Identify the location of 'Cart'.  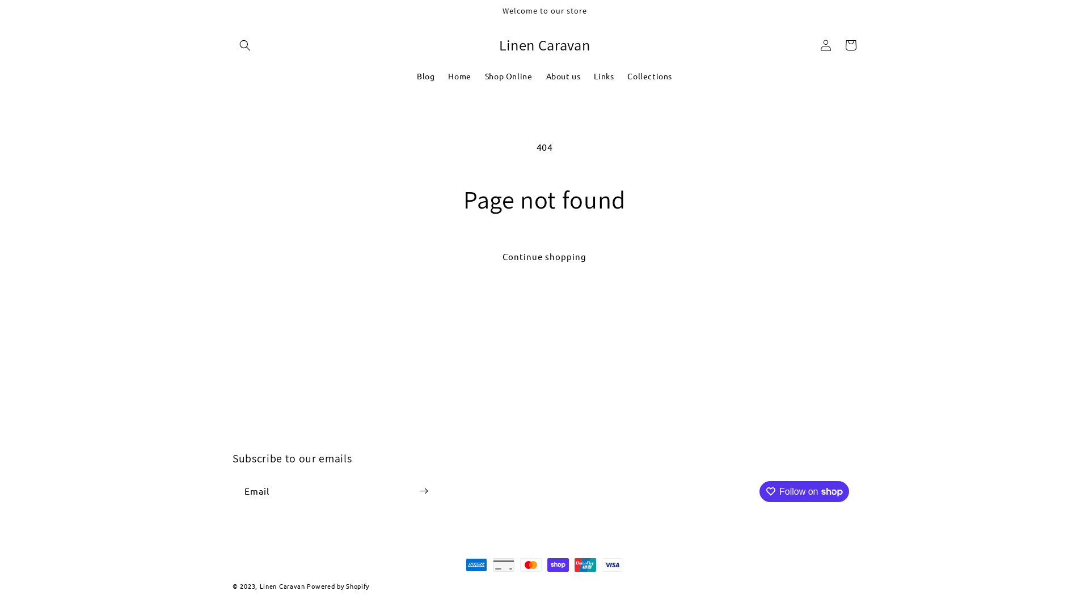
(838, 45).